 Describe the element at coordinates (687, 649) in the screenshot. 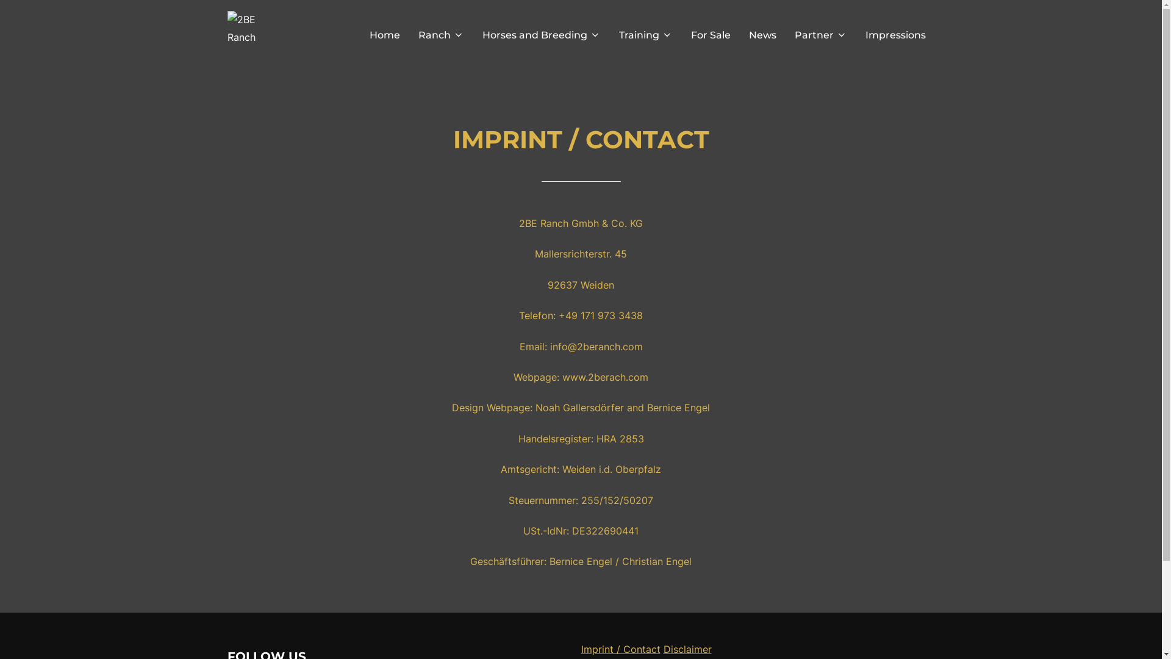

I see `'Disclaimer'` at that location.